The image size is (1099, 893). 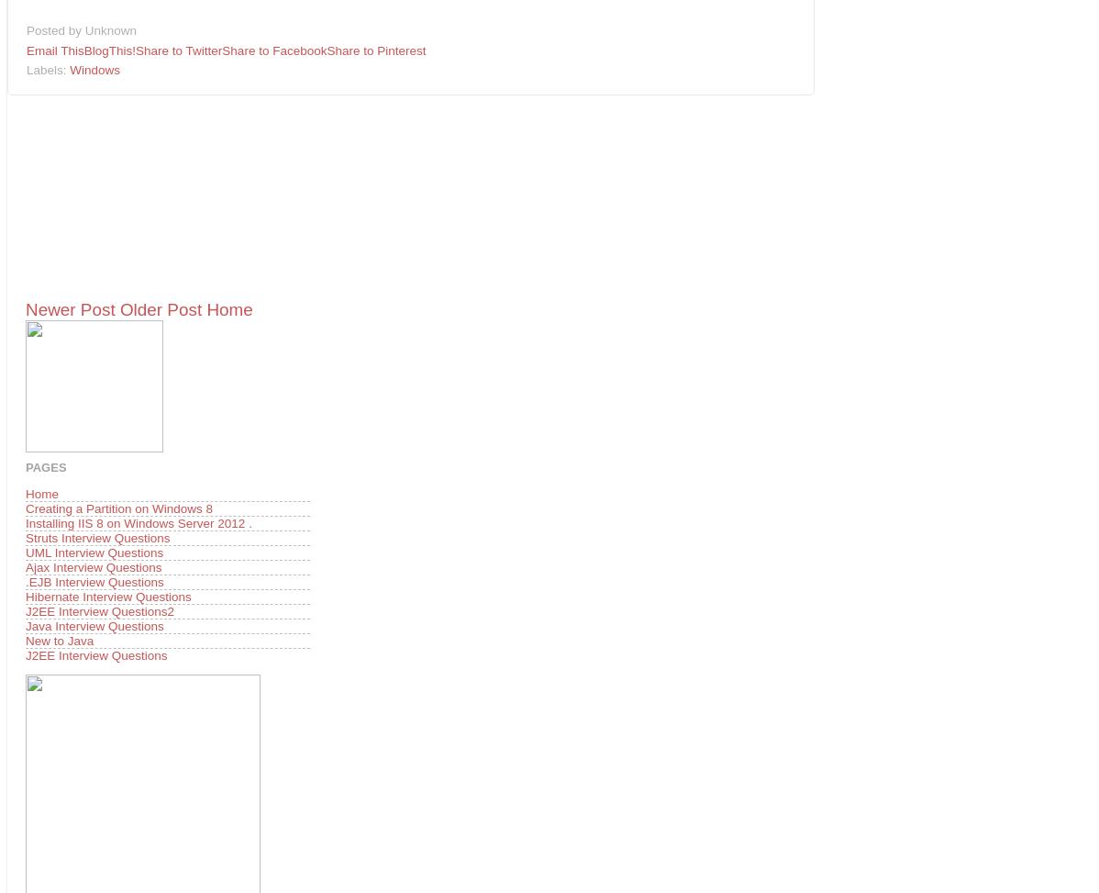 I want to click on 'UML Interview Questions', so click(x=94, y=552).